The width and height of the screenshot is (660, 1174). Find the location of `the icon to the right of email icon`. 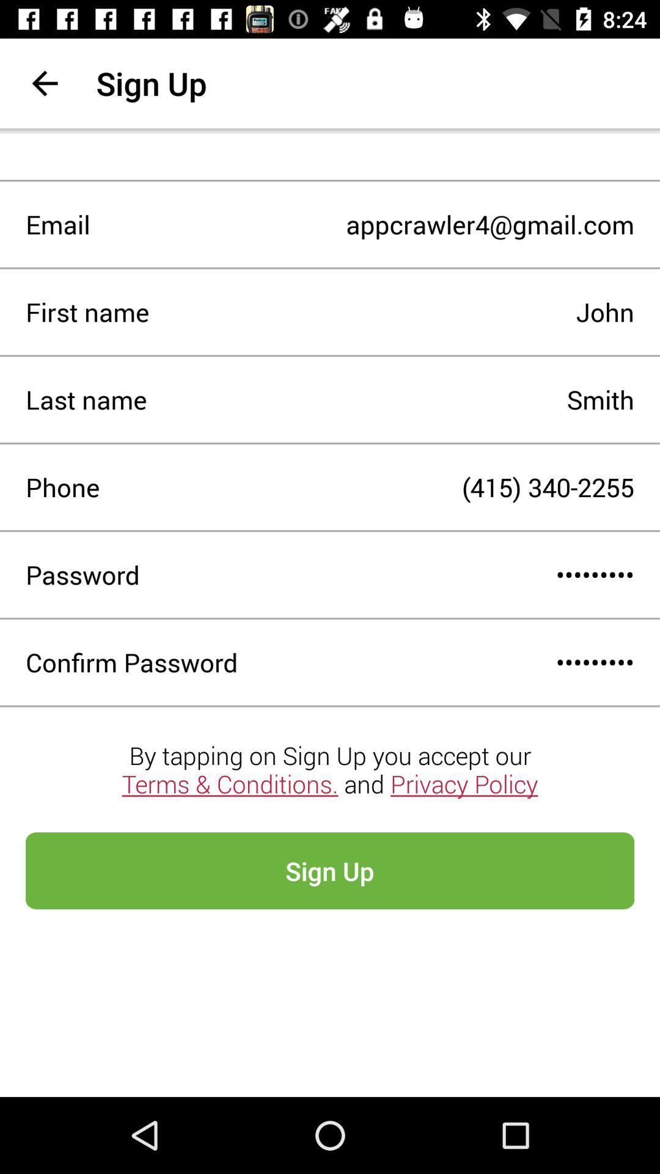

the icon to the right of email icon is located at coordinates (361, 224).